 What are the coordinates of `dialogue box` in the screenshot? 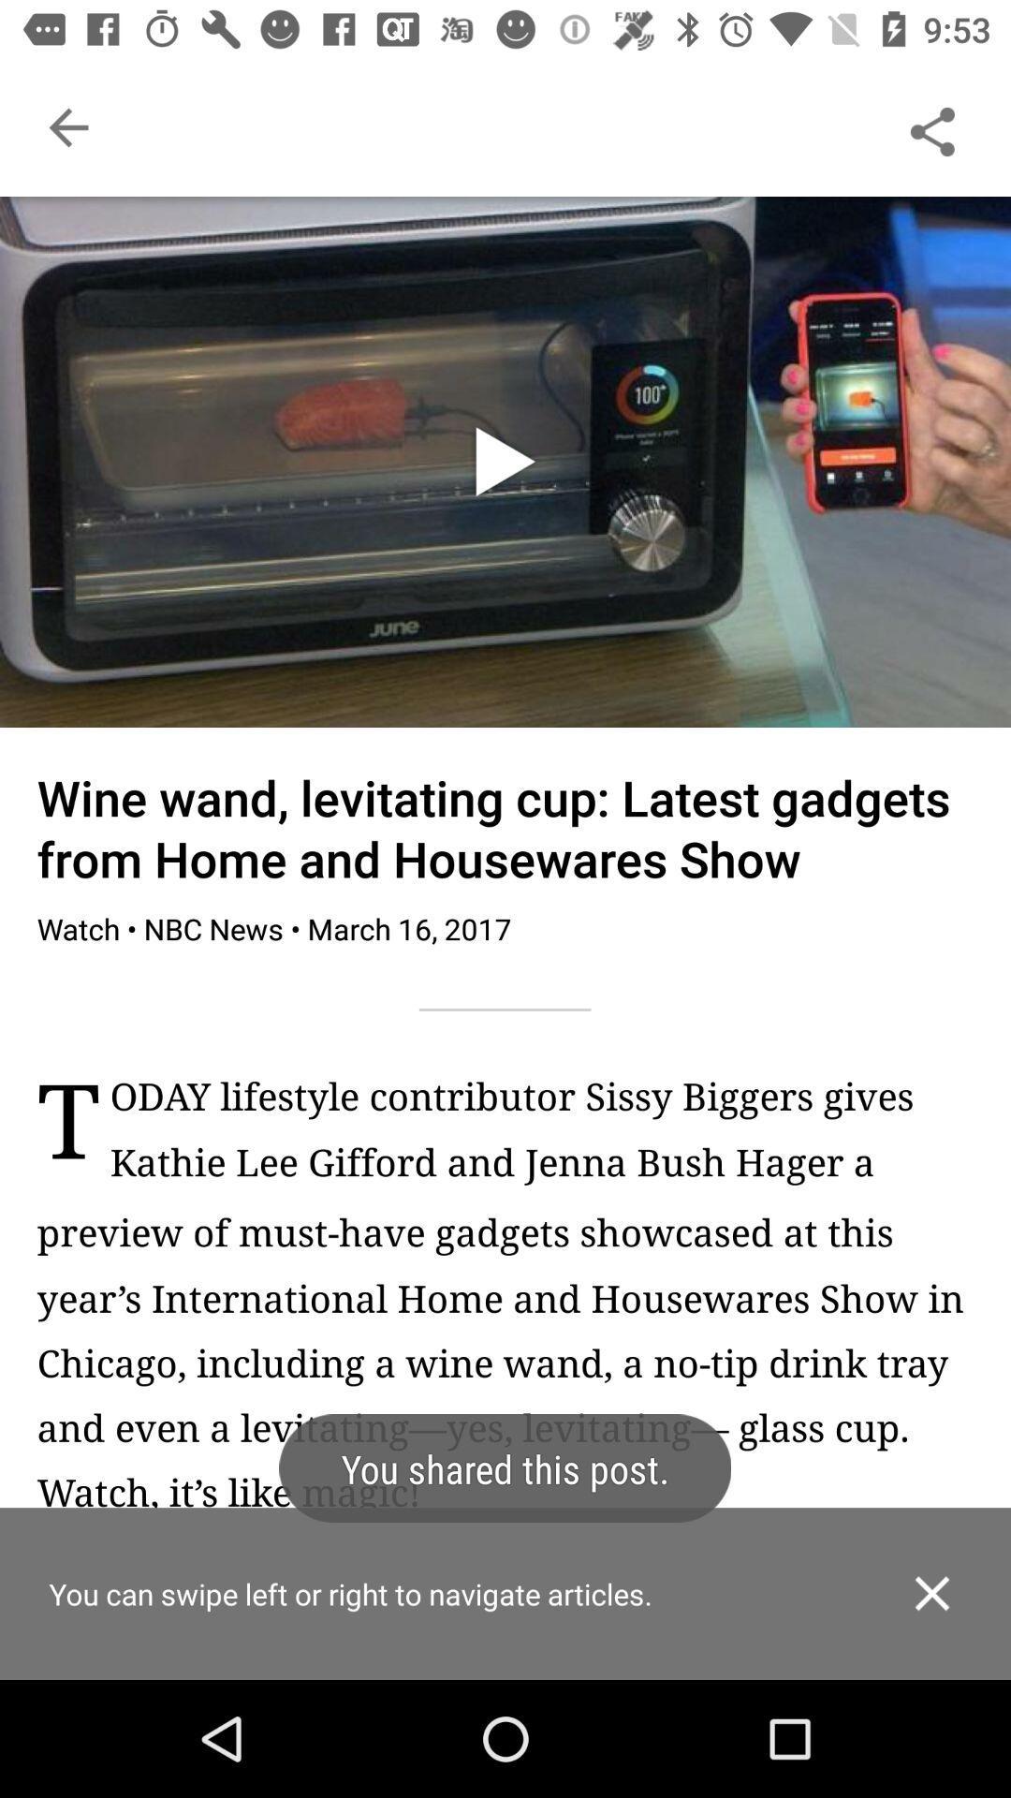 It's located at (931, 1592).